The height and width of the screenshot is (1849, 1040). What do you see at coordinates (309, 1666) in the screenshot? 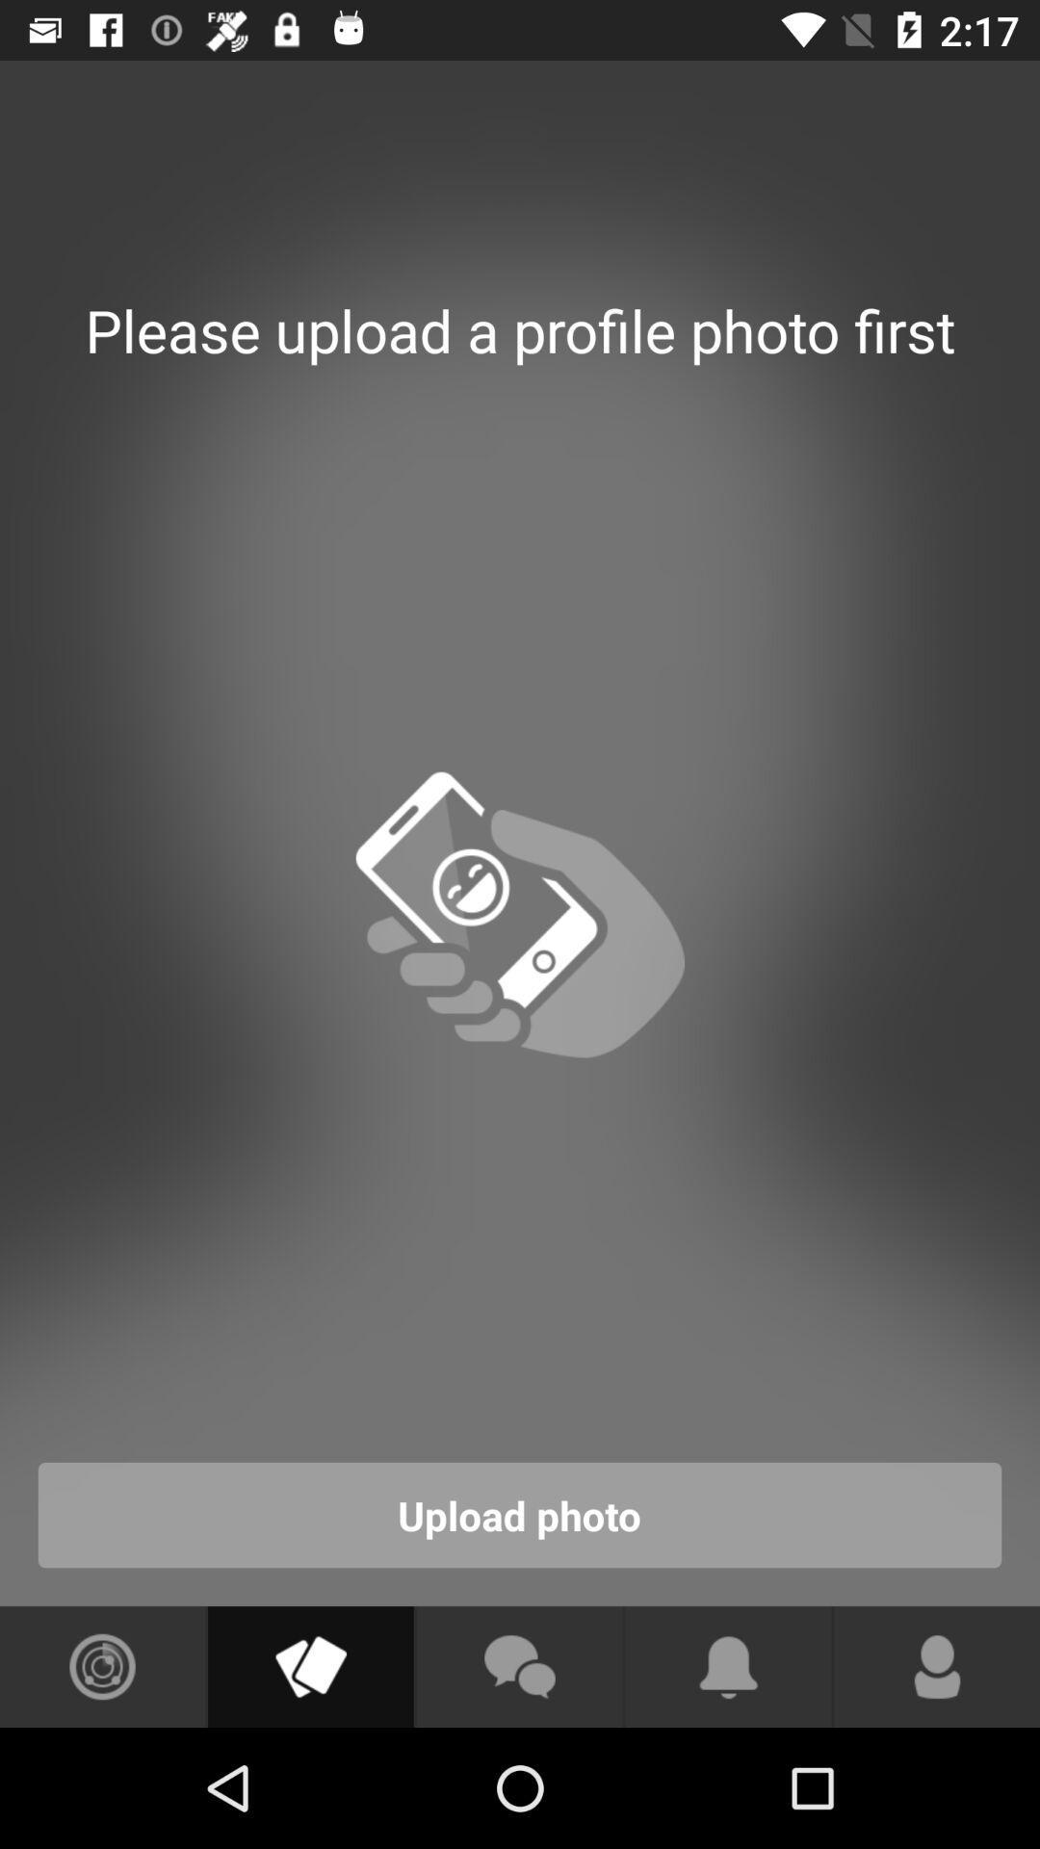
I see `shows file icon` at bounding box center [309, 1666].